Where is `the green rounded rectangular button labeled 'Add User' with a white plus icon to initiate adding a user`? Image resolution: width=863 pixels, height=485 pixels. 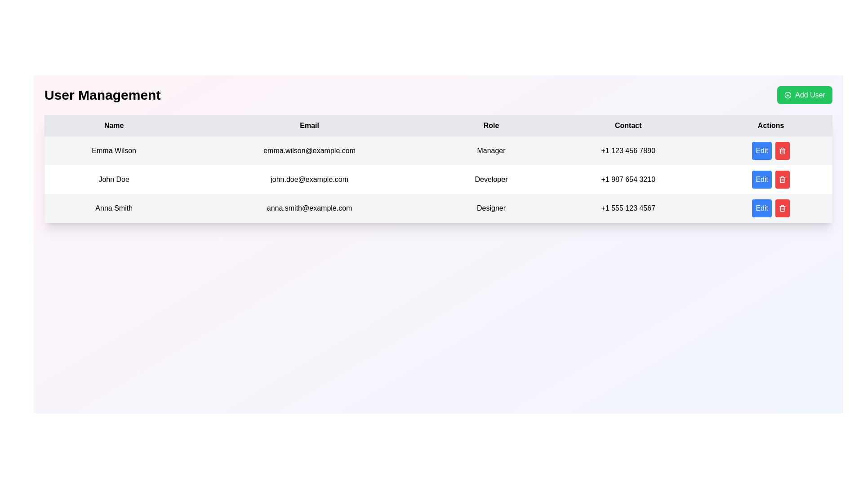 the green rounded rectangular button labeled 'Add User' with a white plus icon to initiate adding a user is located at coordinates (805, 95).